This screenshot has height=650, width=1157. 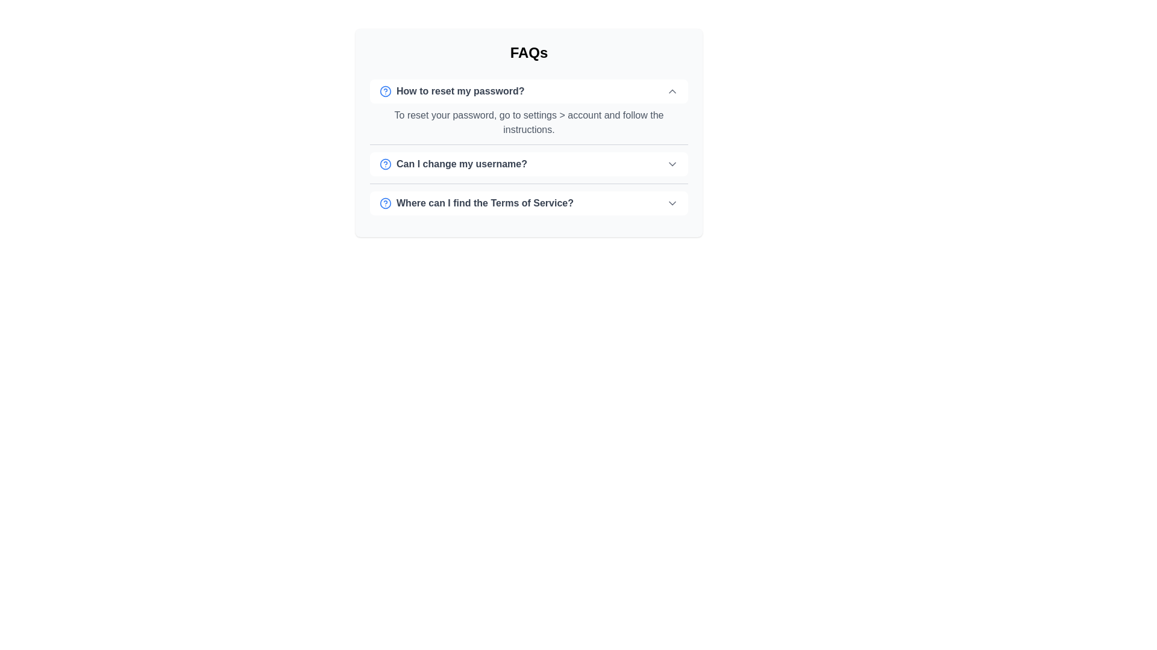 I want to click on the downward-pointing chevron icon located at the far right of the FAQ section titled 'Where can I find the Terms of Service?', so click(x=672, y=203).